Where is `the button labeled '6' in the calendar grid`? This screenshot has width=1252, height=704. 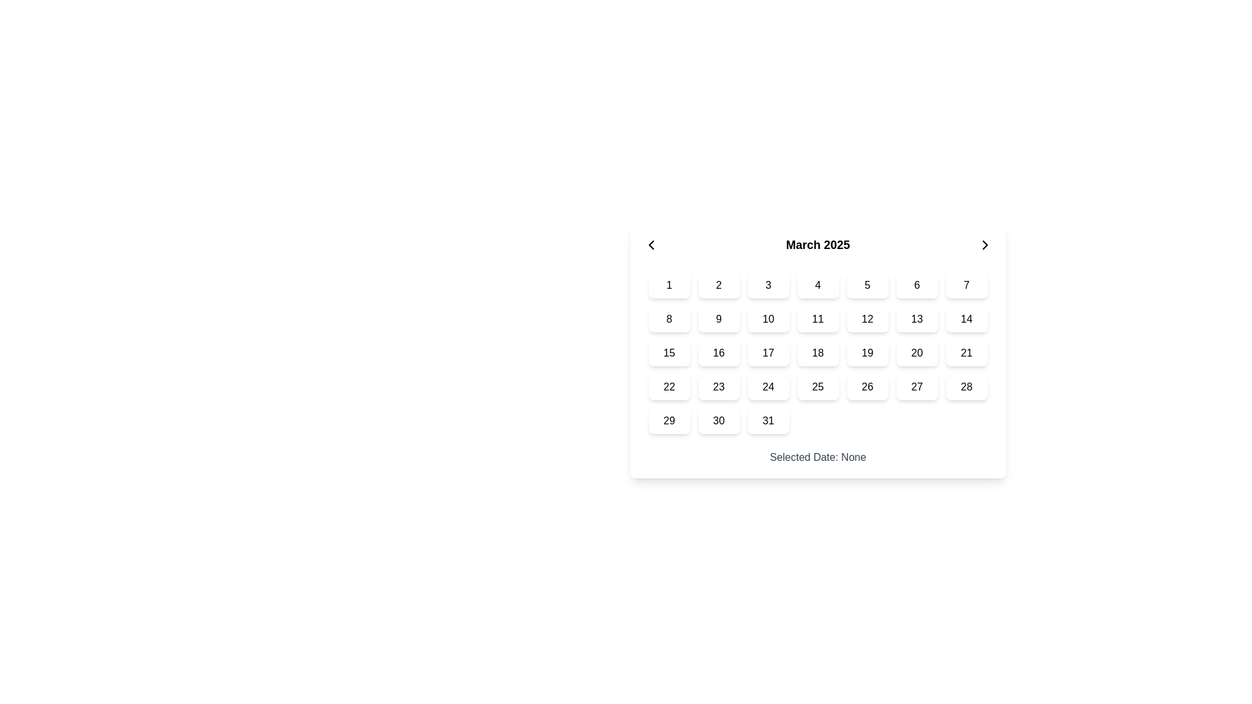
the button labeled '6' in the calendar grid is located at coordinates (916, 285).